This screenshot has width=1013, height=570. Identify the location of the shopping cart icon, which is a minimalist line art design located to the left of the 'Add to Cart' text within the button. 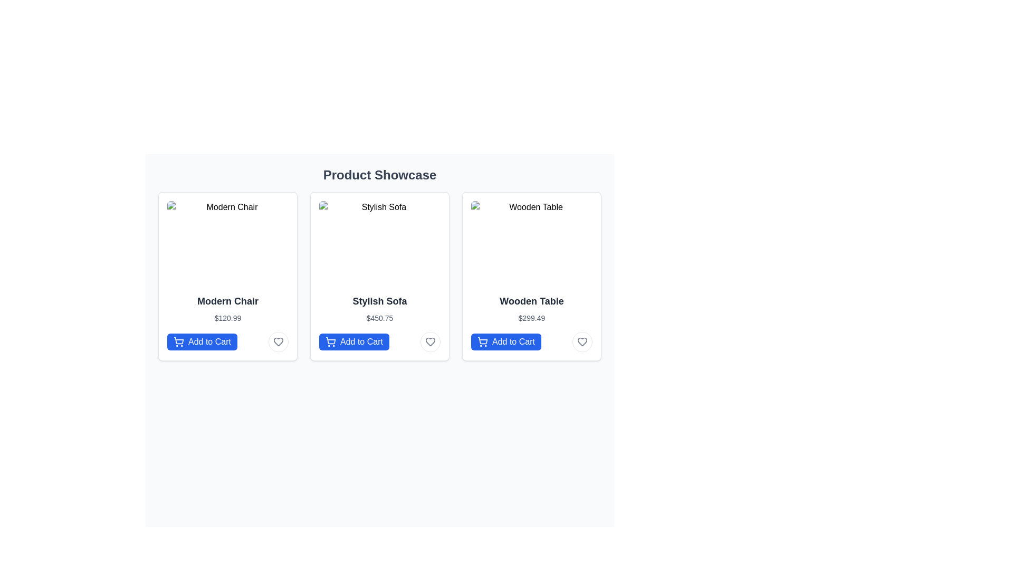
(482, 342).